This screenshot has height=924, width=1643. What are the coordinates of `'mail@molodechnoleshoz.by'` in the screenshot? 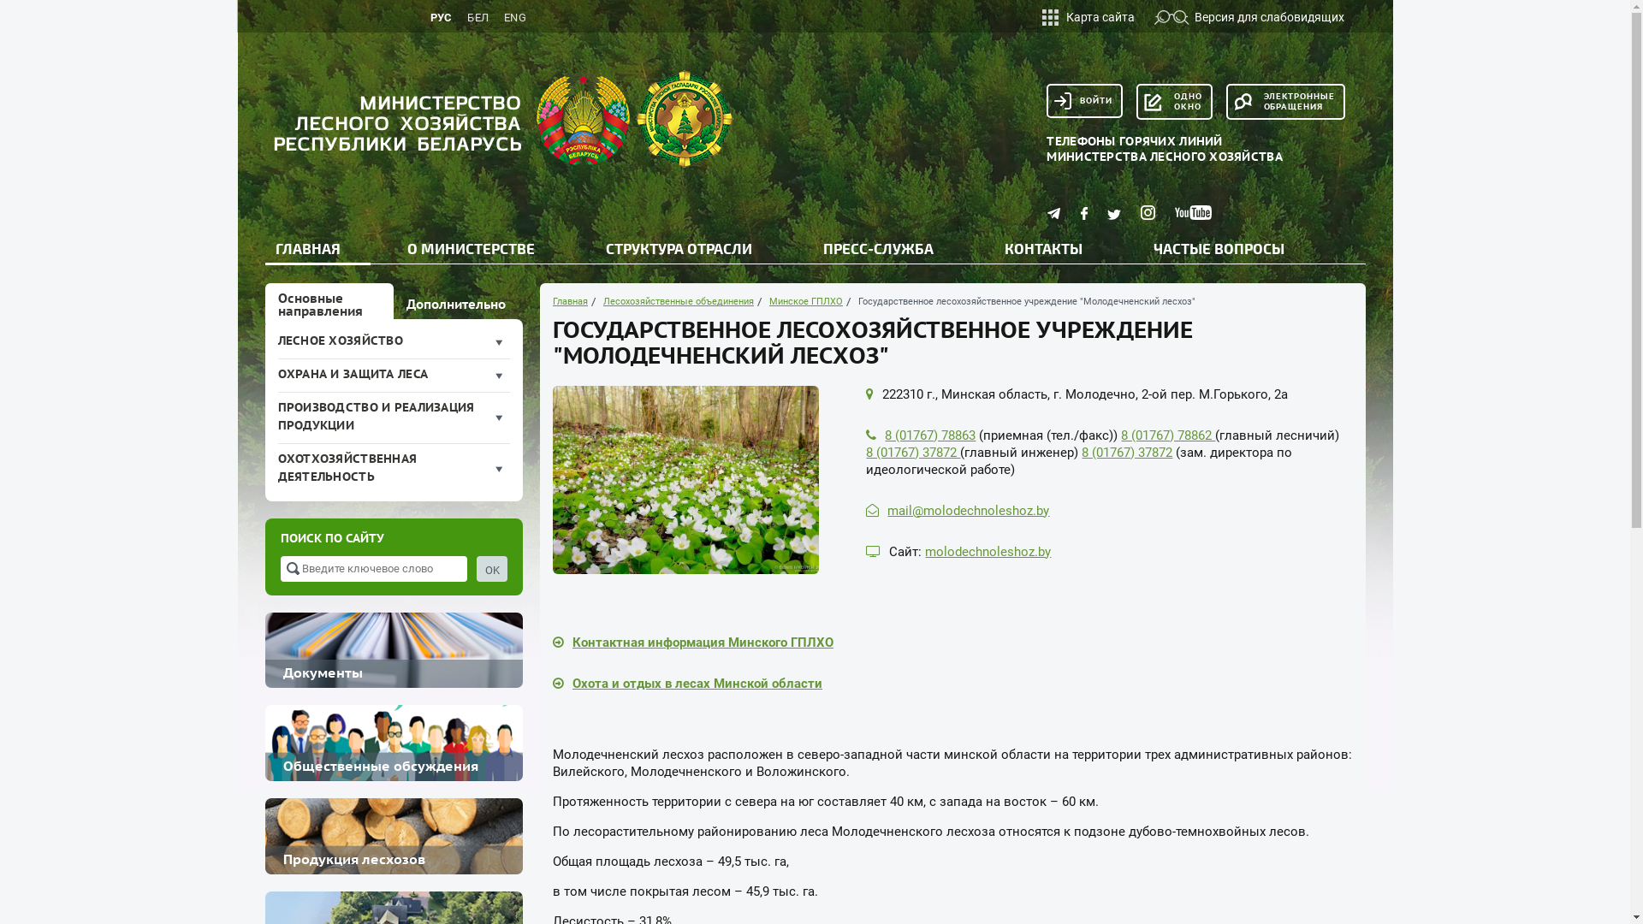 It's located at (968, 510).